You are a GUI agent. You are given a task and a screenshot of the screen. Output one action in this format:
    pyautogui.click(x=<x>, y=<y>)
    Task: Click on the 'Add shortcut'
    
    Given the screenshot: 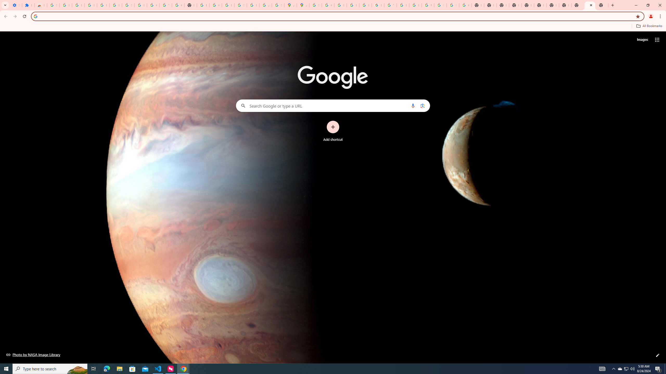 What is the action you would take?
    pyautogui.click(x=333, y=131)
    